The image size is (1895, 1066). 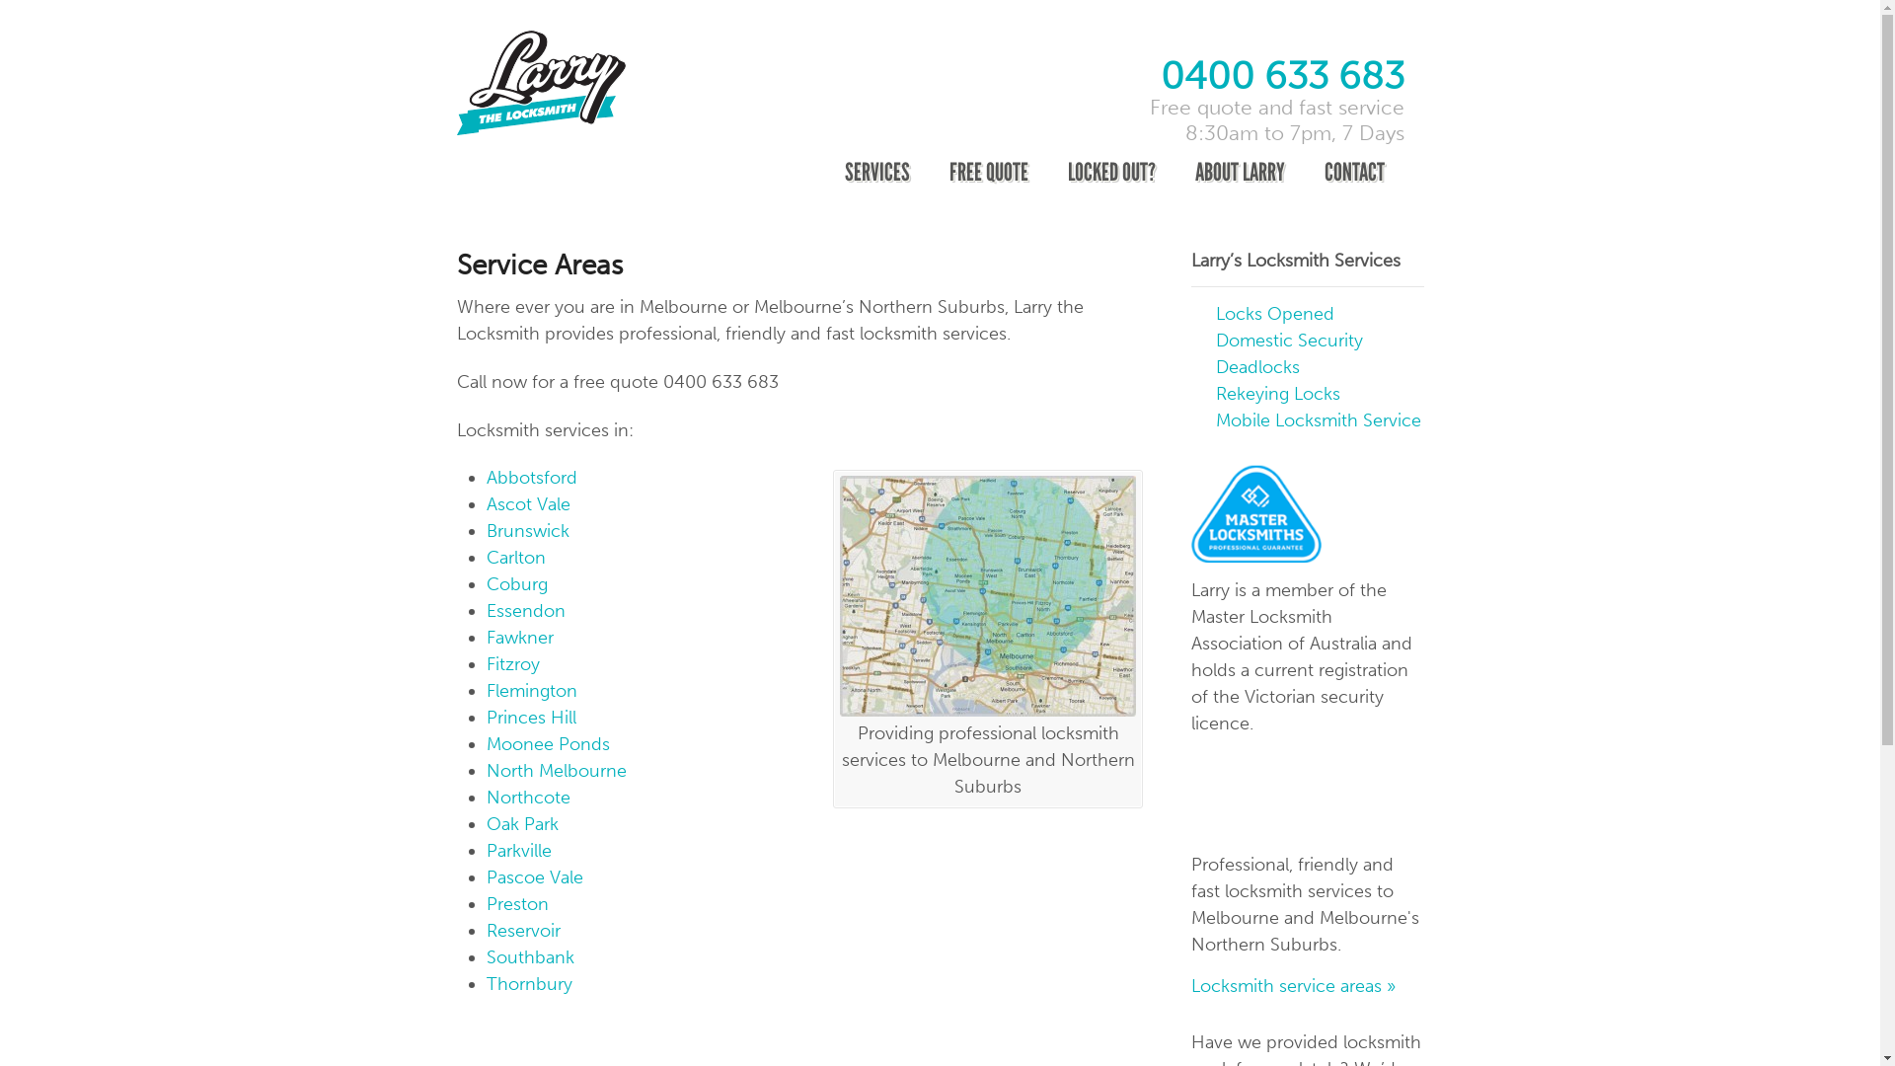 What do you see at coordinates (517, 849) in the screenshot?
I see `'Parkville'` at bounding box center [517, 849].